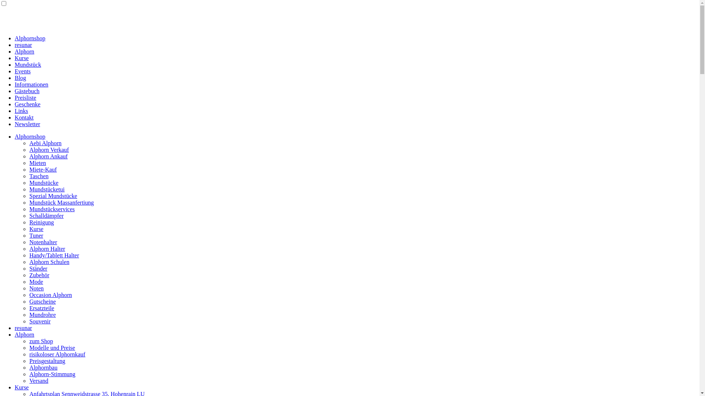  What do you see at coordinates (24, 334) in the screenshot?
I see `'Alphorn'` at bounding box center [24, 334].